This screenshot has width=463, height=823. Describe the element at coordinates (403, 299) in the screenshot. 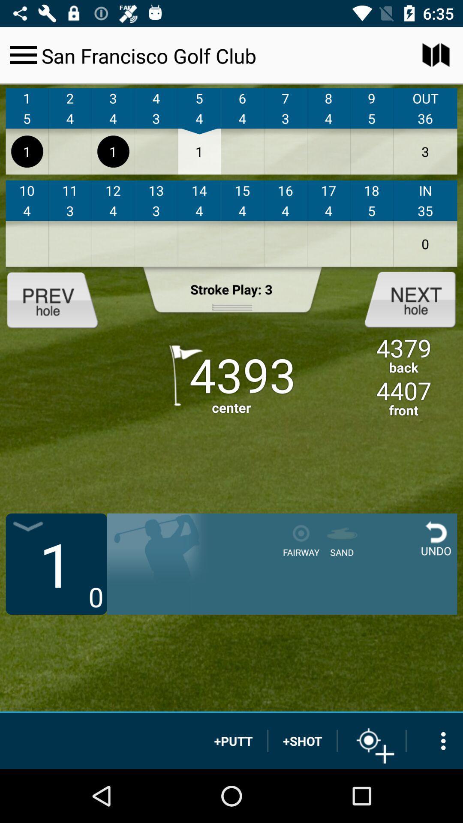

I see `click on next` at that location.